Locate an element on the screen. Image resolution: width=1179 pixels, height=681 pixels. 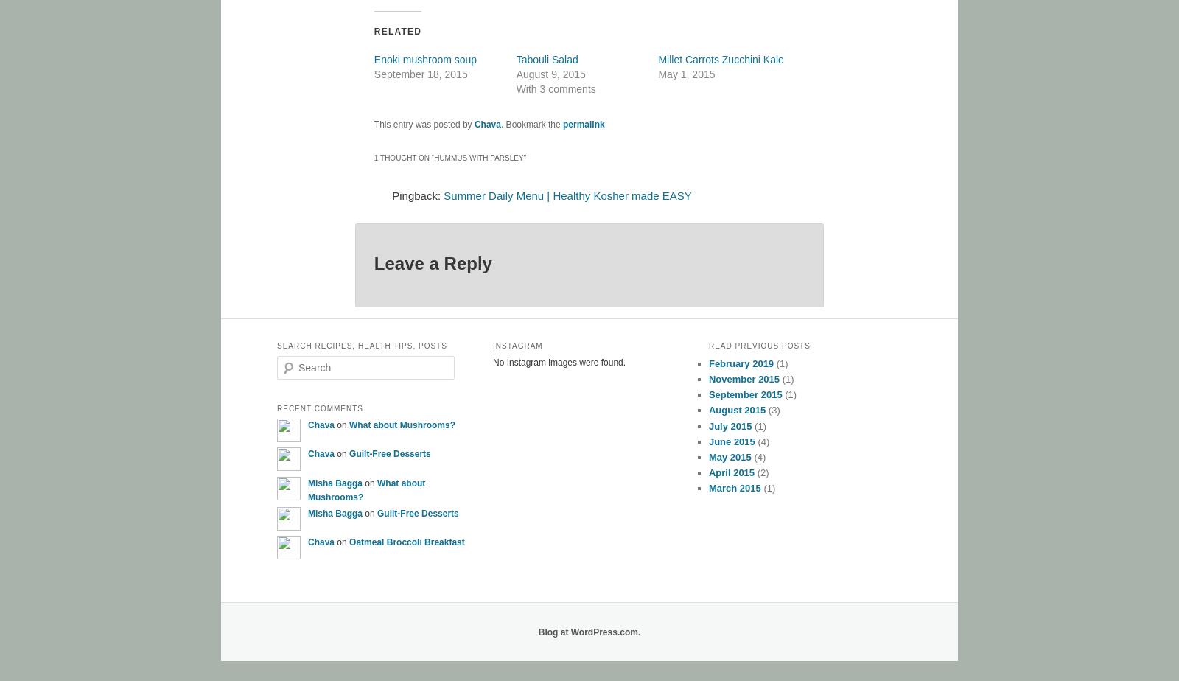
'Hummus with Parsley' is located at coordinates (478, 158).